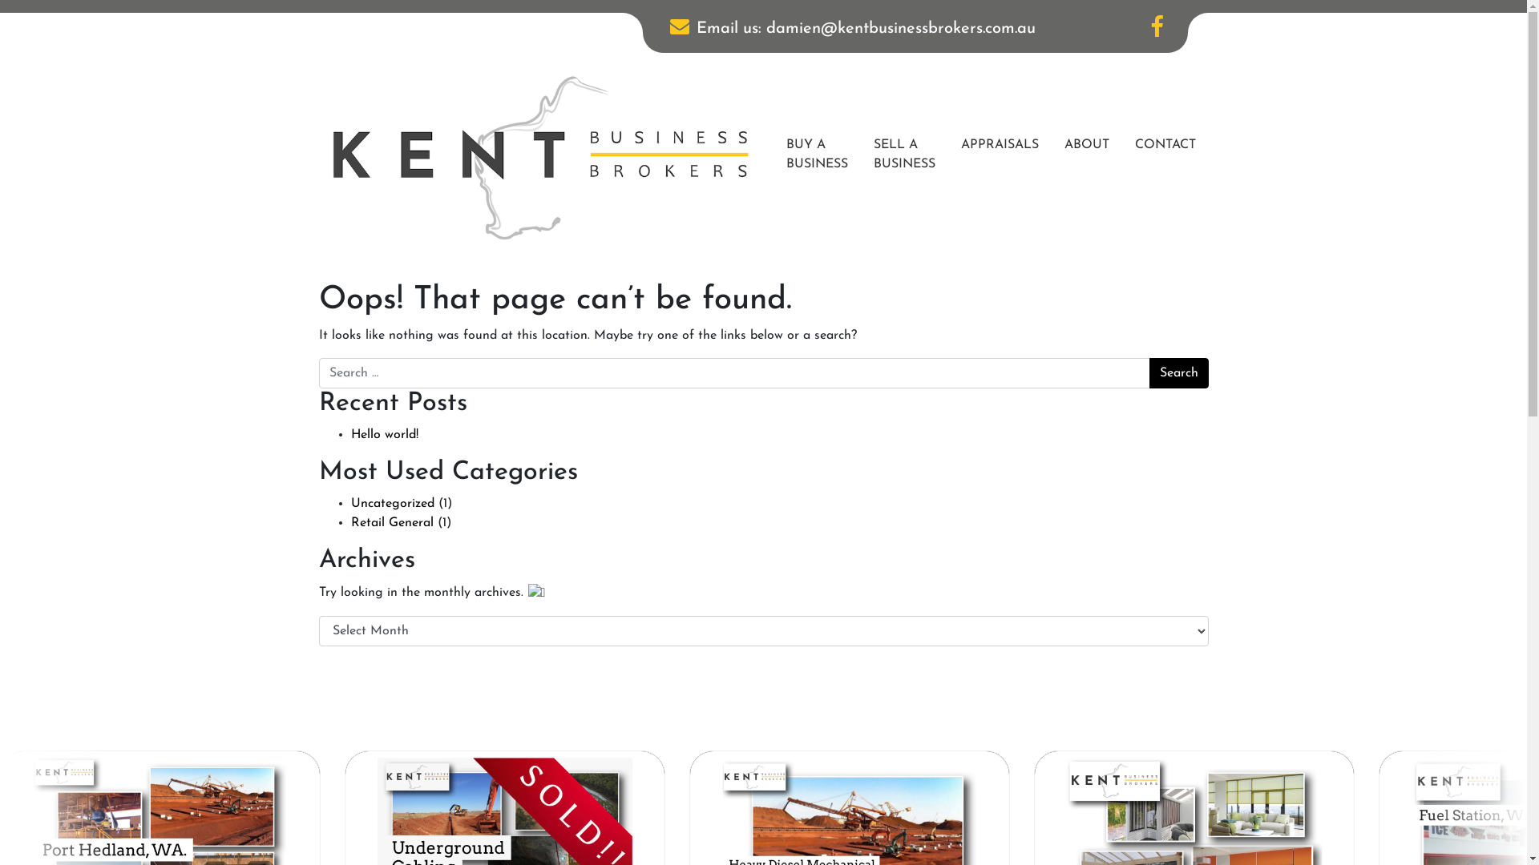 This screenshot has height=865, width=1539. I want to click on 'Search', so click(1149, 373).